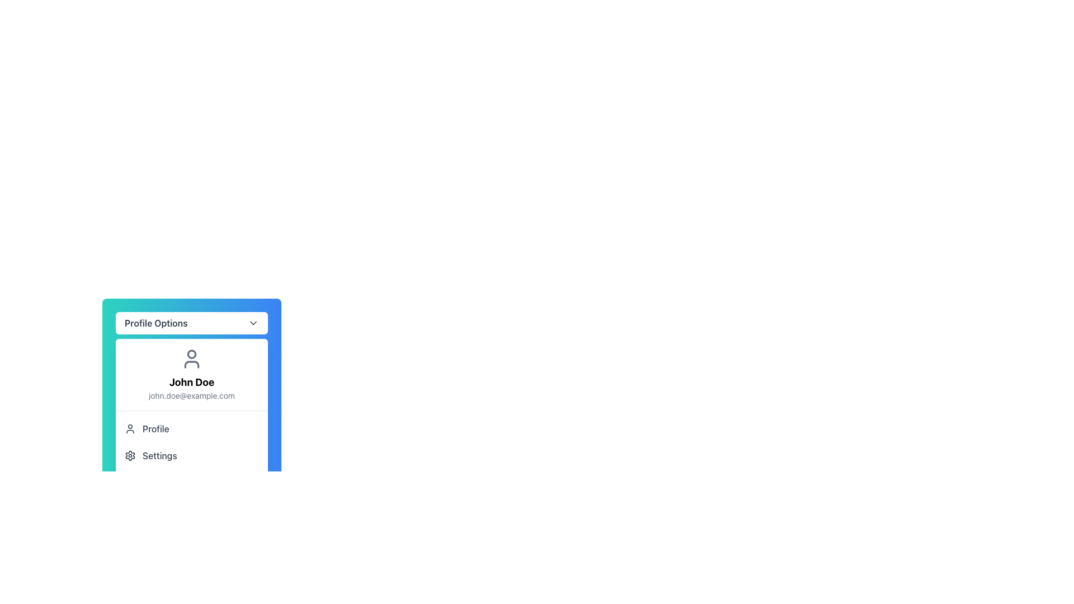 This screenshot has height=604, width=1074. What do you see at coordinates (155, 428) in the screenshot?
I see `the profile-related Text label, which is positioned to the right of a person icon and serves` at bounding box center [155, 428].